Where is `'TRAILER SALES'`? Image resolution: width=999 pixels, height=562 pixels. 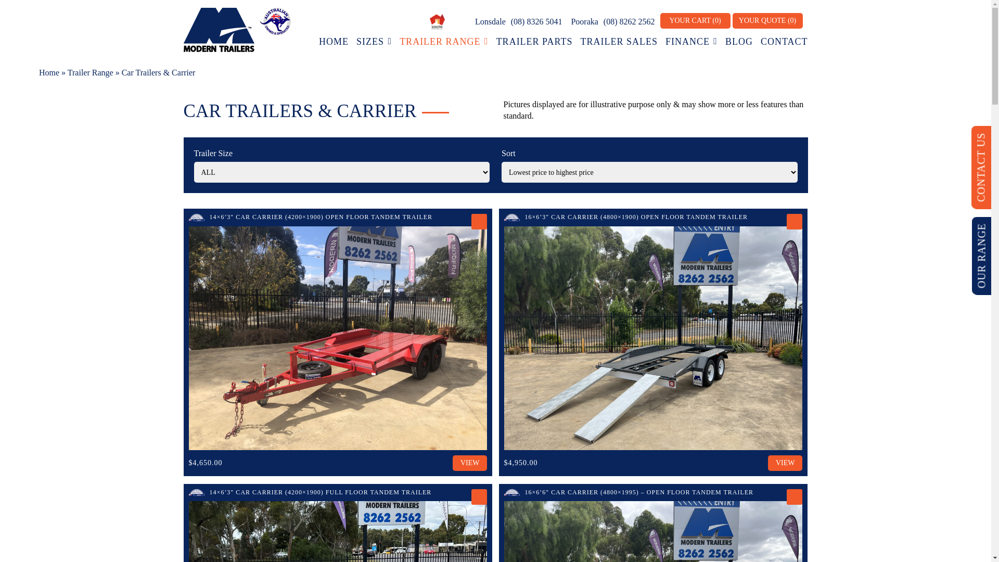
'TRAILER SALES' is located at coordinates (619, 41).